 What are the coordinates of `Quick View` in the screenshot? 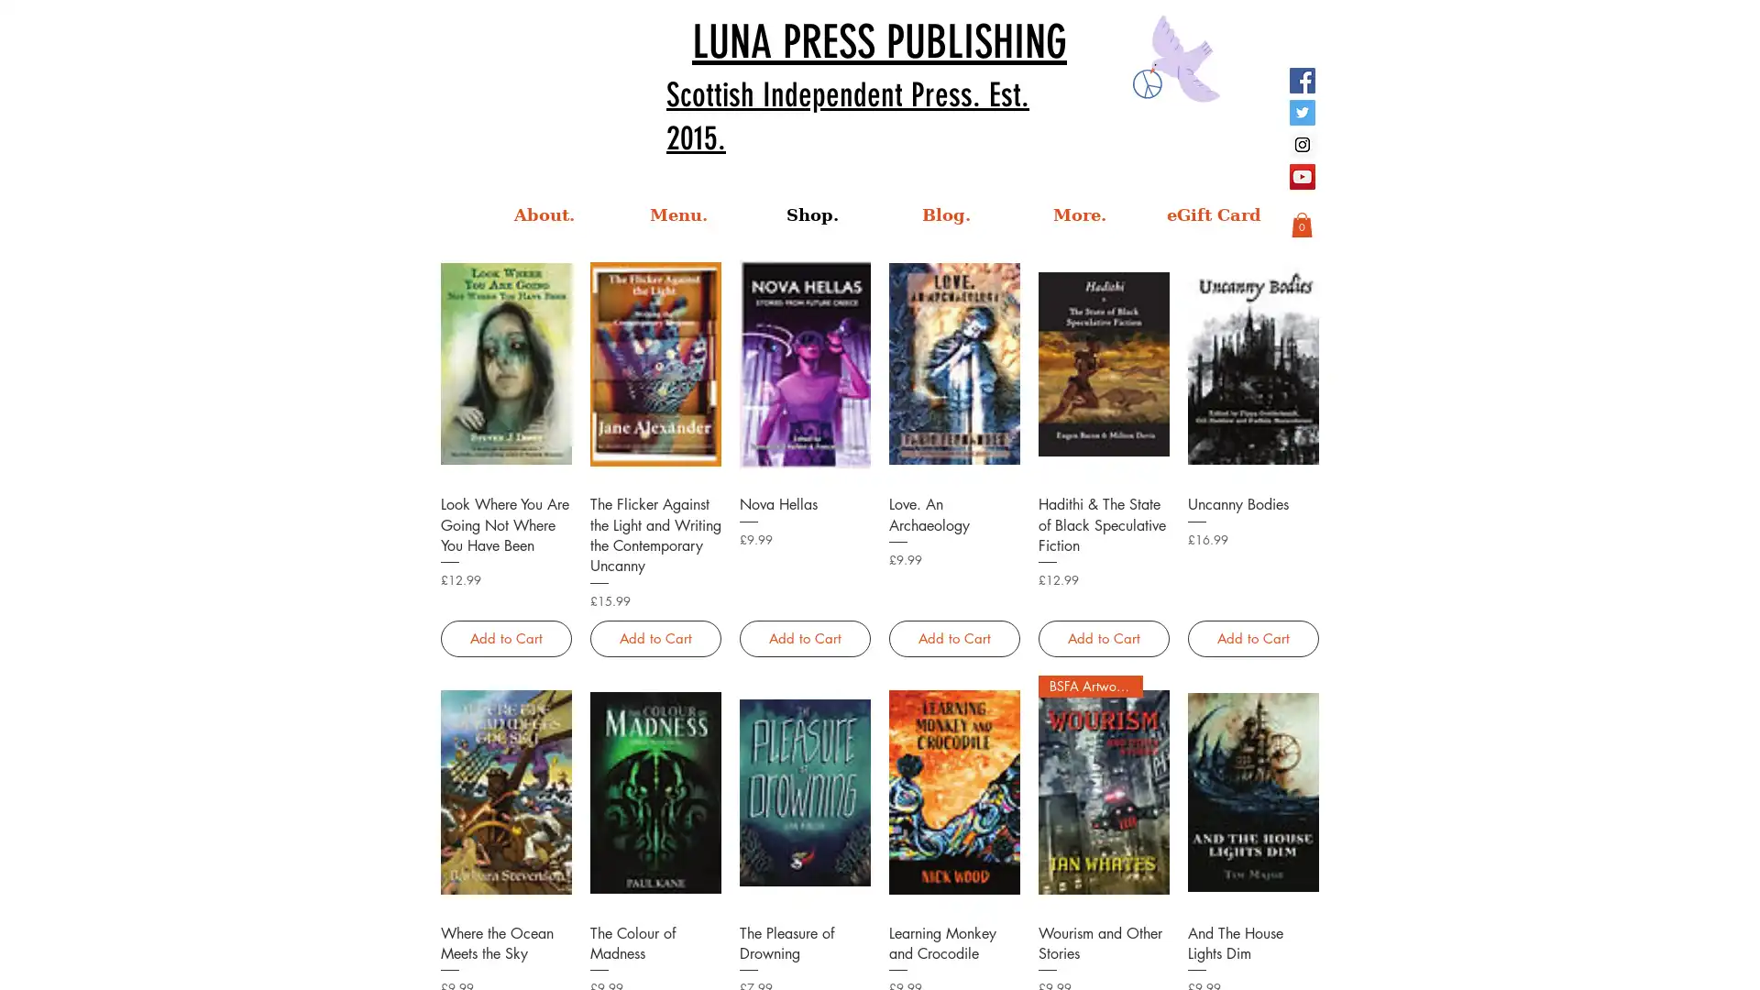 It's located at (804, 930).